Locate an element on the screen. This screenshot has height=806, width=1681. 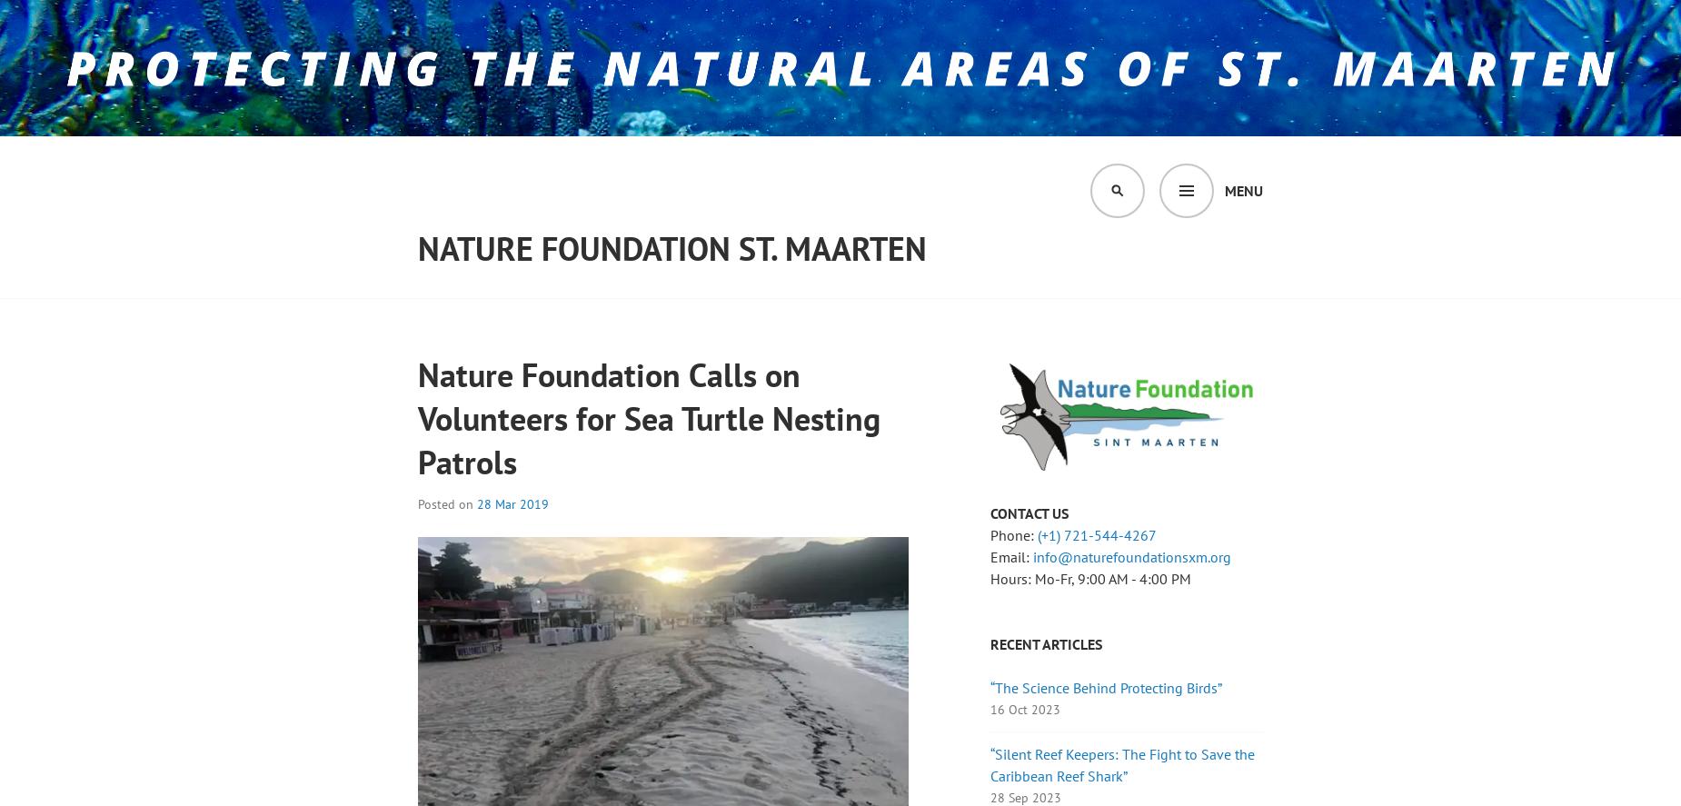
'16 Oct 2023' is located at coordinates (990, 709).